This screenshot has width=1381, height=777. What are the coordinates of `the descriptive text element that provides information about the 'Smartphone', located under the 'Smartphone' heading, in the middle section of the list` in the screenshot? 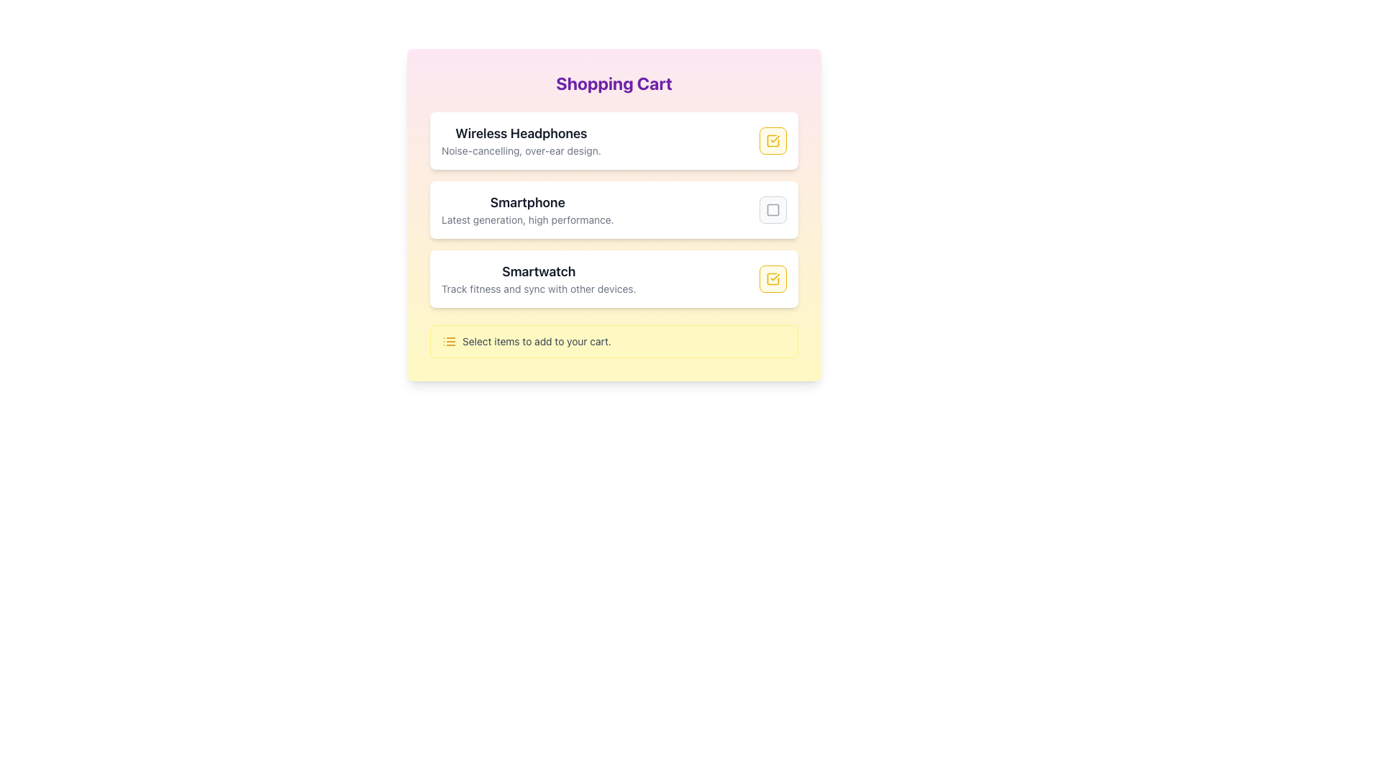 It's located at (527, 219).